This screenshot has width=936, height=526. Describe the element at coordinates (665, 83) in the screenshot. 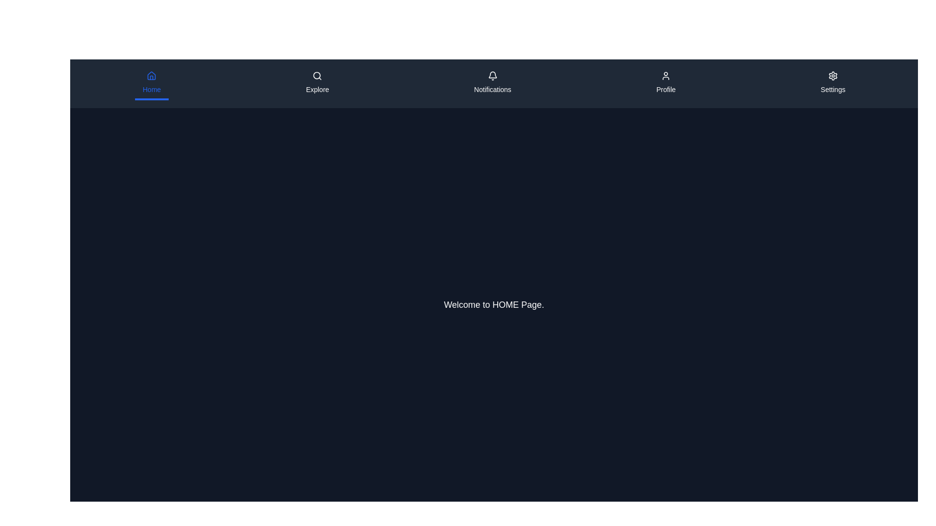

I see `the 'Profile' navigational tab located in the fourth position of the horizontal navigation bar` at that location.